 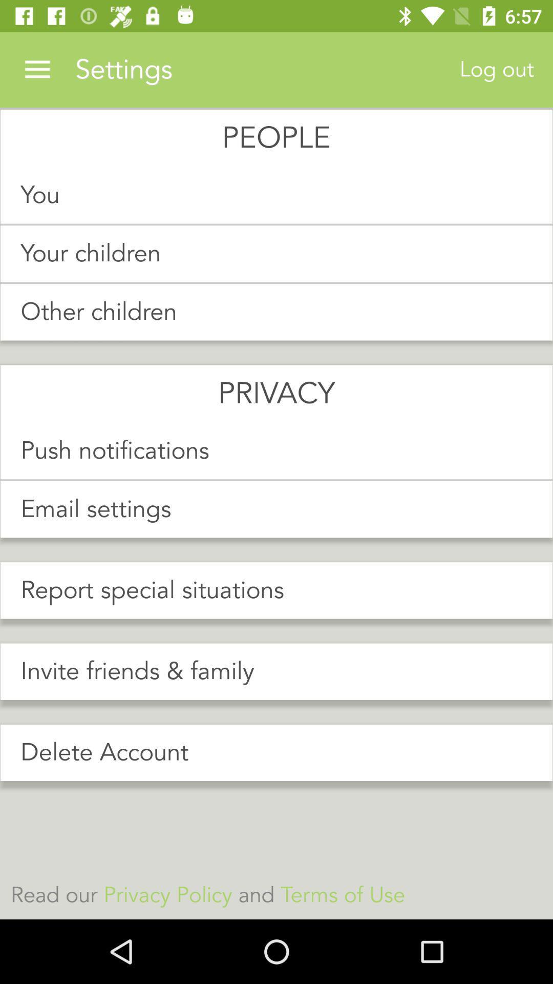 What do you see at coordinates (276, 254) in the screenshot?
I see `your children item` at bounding box center [276, 254].